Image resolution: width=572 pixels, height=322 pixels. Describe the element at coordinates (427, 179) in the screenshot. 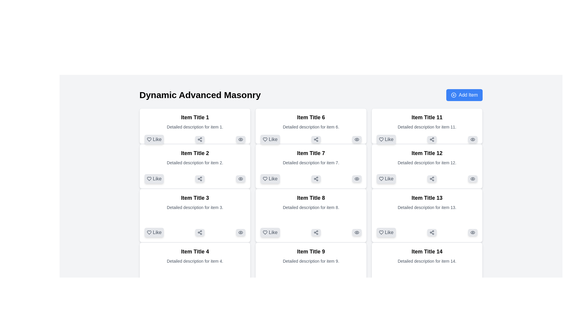

I see `the share button with a network-like share symbol located within the card titled 'Item Title 12', positioned between the 'Like' button and the 'Eye' icon button` at that location.